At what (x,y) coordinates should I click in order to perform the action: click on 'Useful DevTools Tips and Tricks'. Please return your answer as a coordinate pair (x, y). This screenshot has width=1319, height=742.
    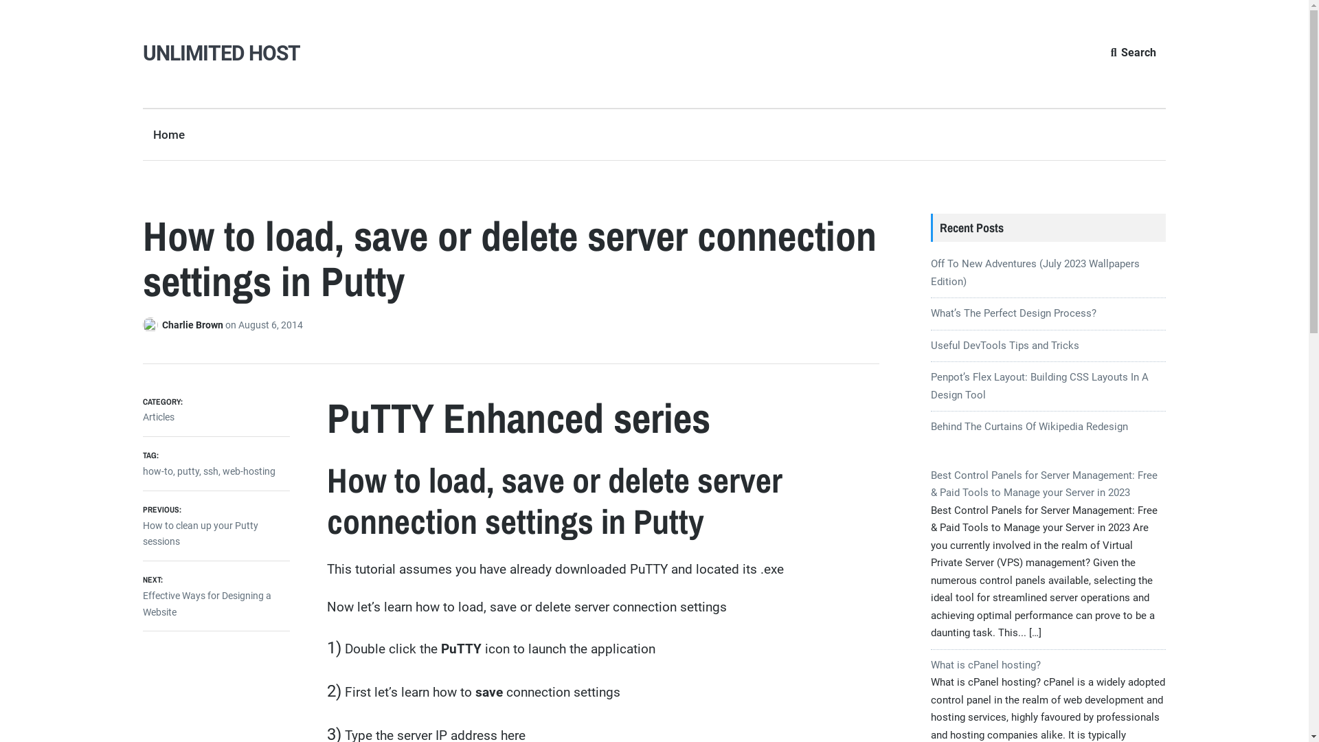
    Looking at the image, I should click on (1005, 344).